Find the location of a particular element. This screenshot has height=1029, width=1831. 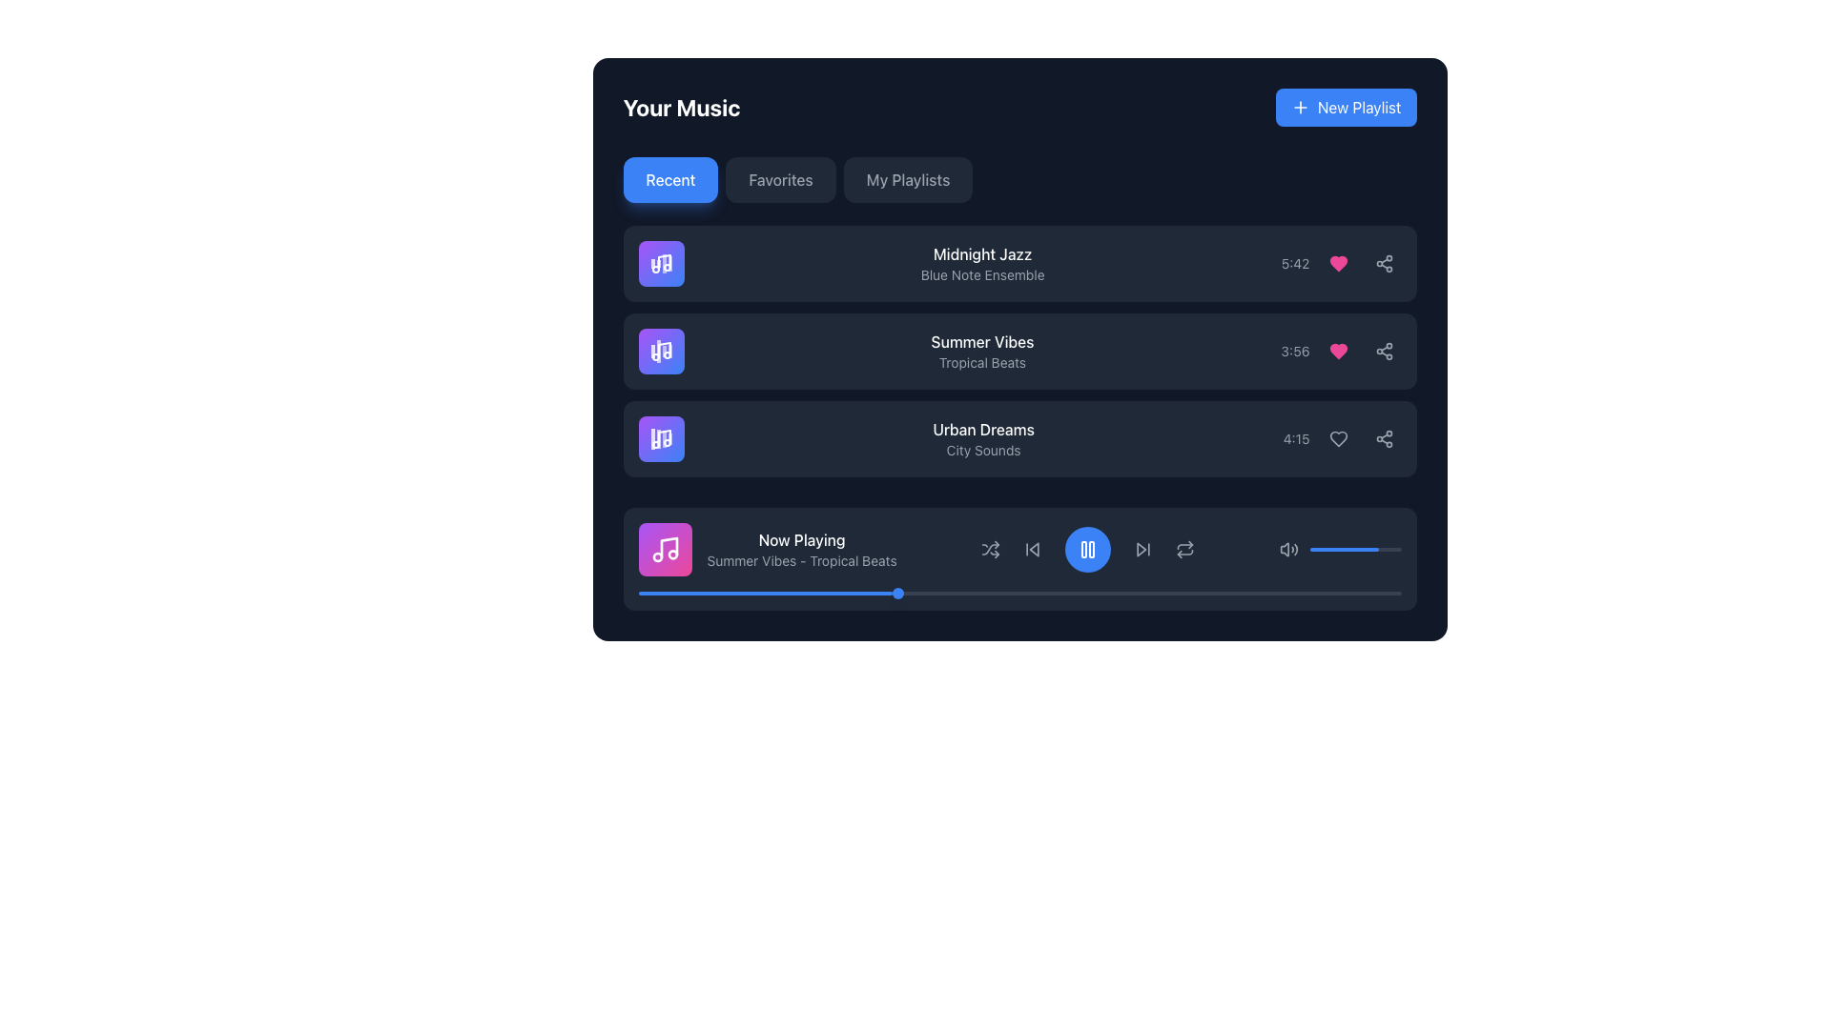

progress is located at coordinates (1163, 593).